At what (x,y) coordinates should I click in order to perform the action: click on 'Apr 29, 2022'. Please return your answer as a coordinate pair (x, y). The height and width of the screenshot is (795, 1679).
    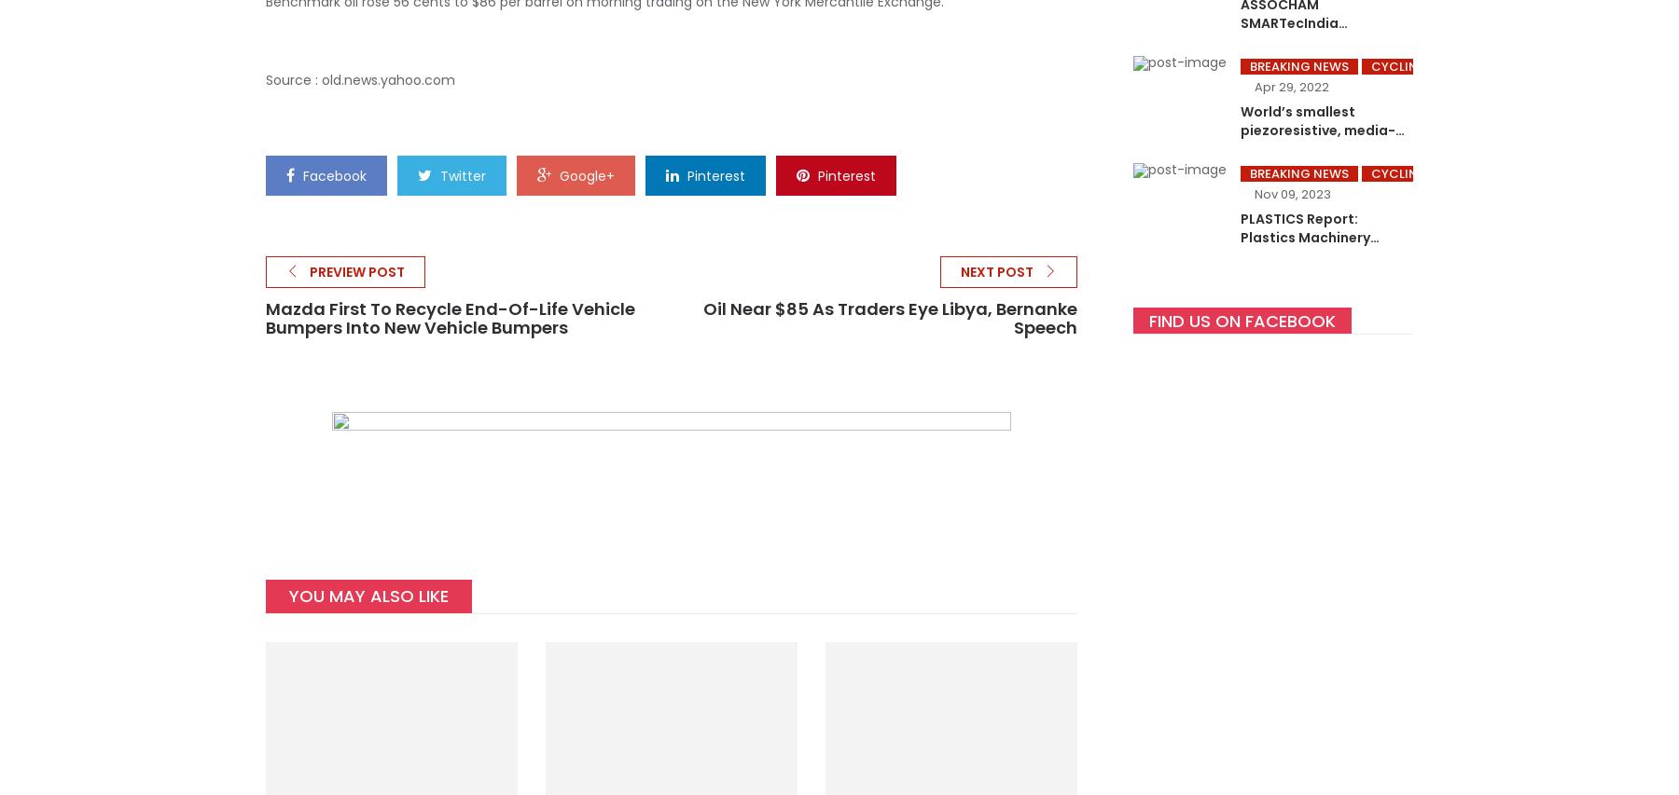
    Looking at the image, I should click on (1254, 85).